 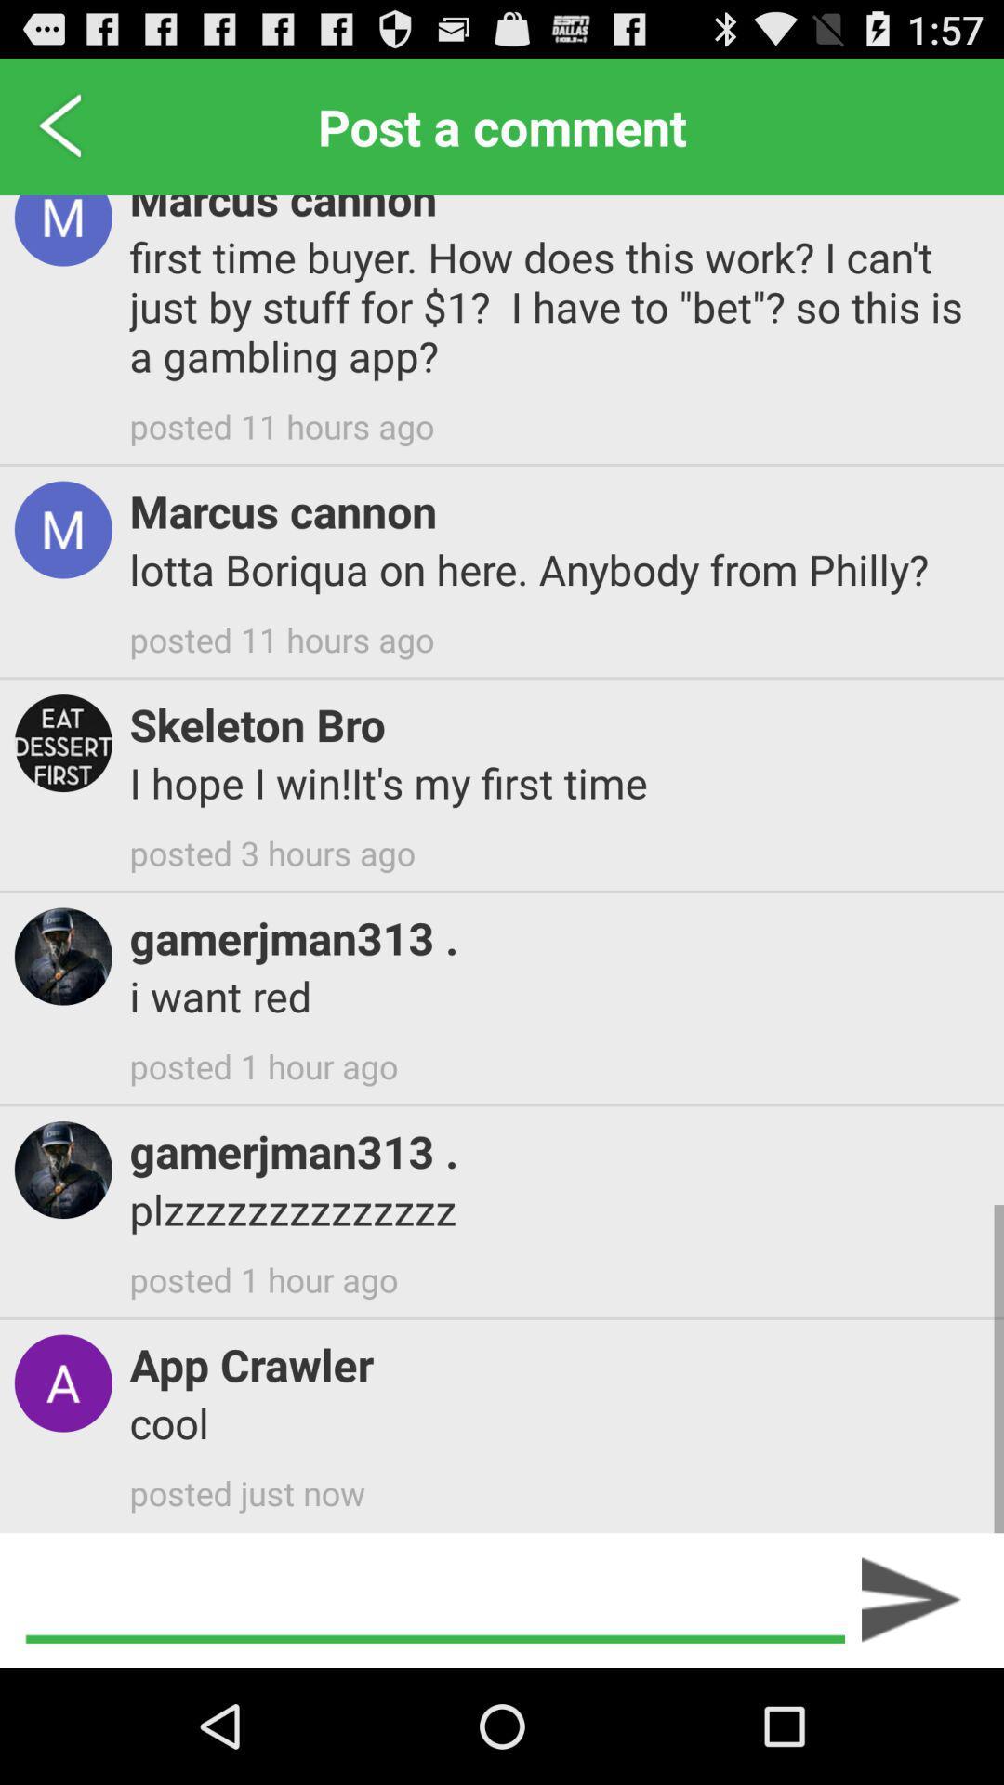 I want to click on icon below posted just now, so click(x=911, y=1599).